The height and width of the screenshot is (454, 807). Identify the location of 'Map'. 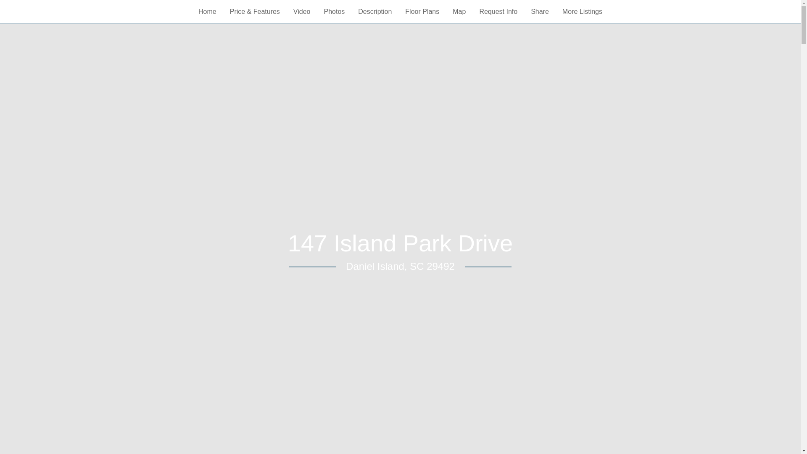
(459, 11).